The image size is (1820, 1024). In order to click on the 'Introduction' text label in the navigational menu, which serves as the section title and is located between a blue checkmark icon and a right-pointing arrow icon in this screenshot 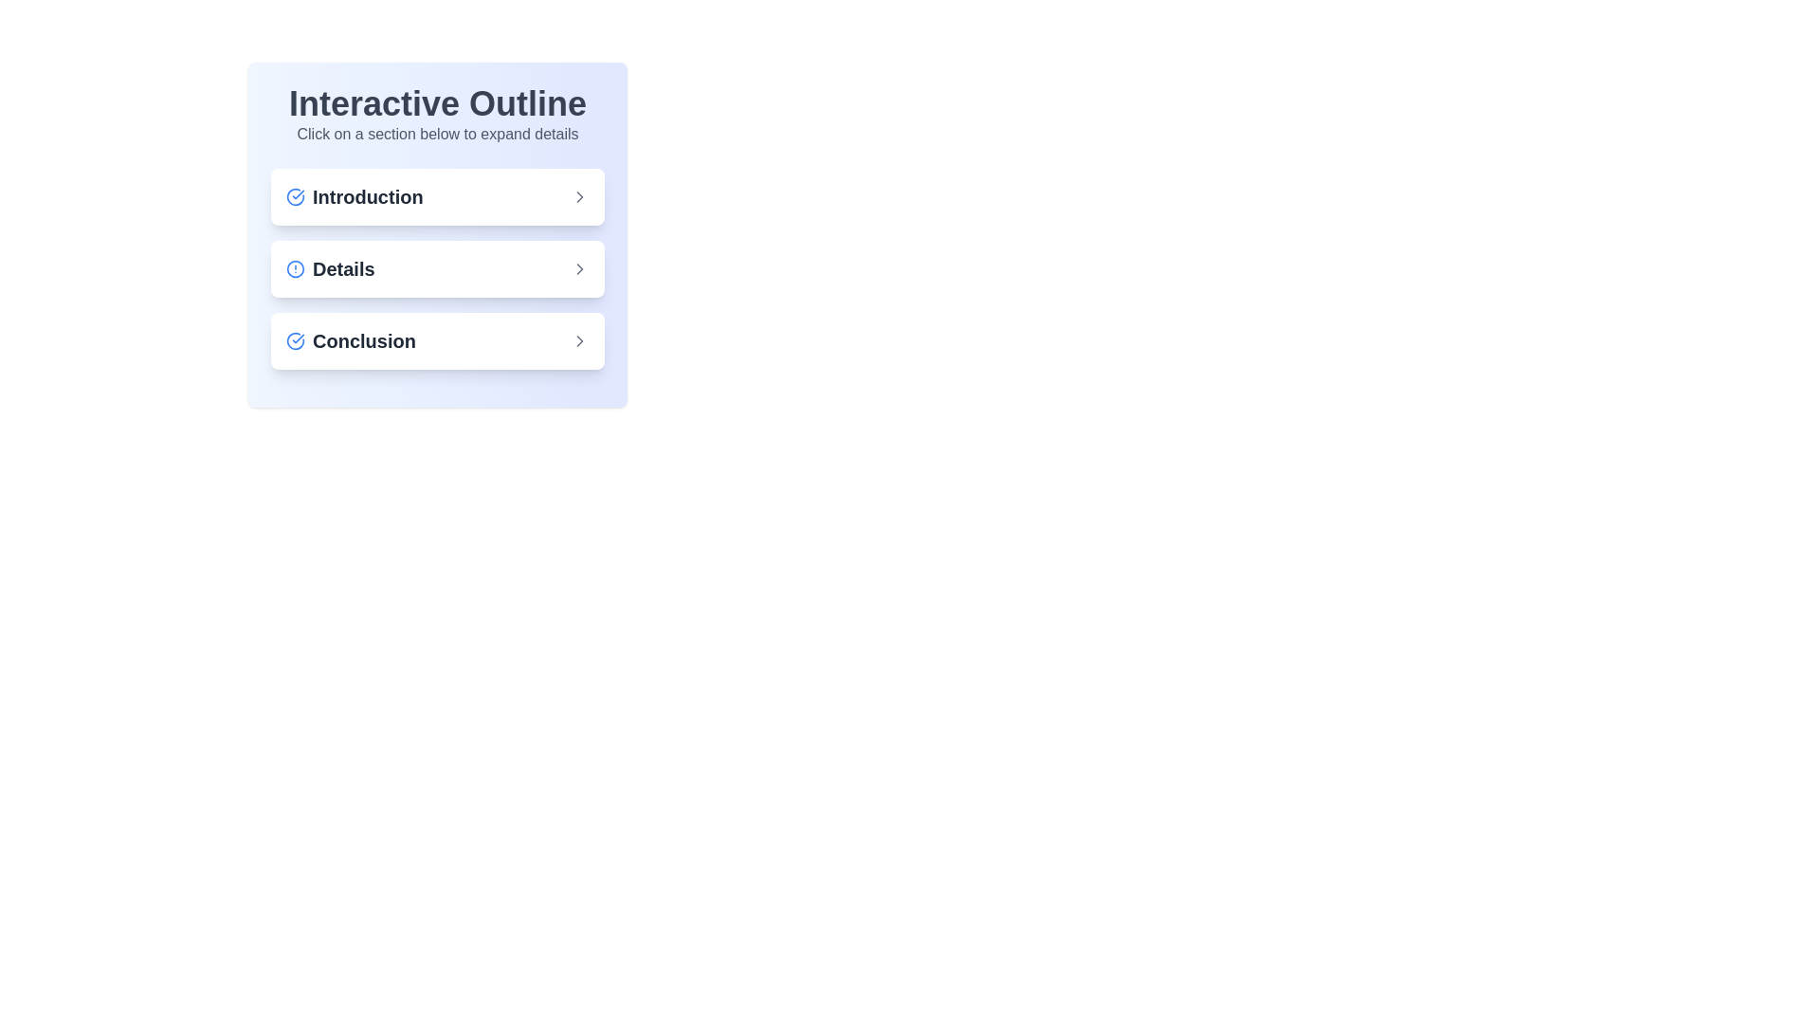, I will do `click(368, 197)`.